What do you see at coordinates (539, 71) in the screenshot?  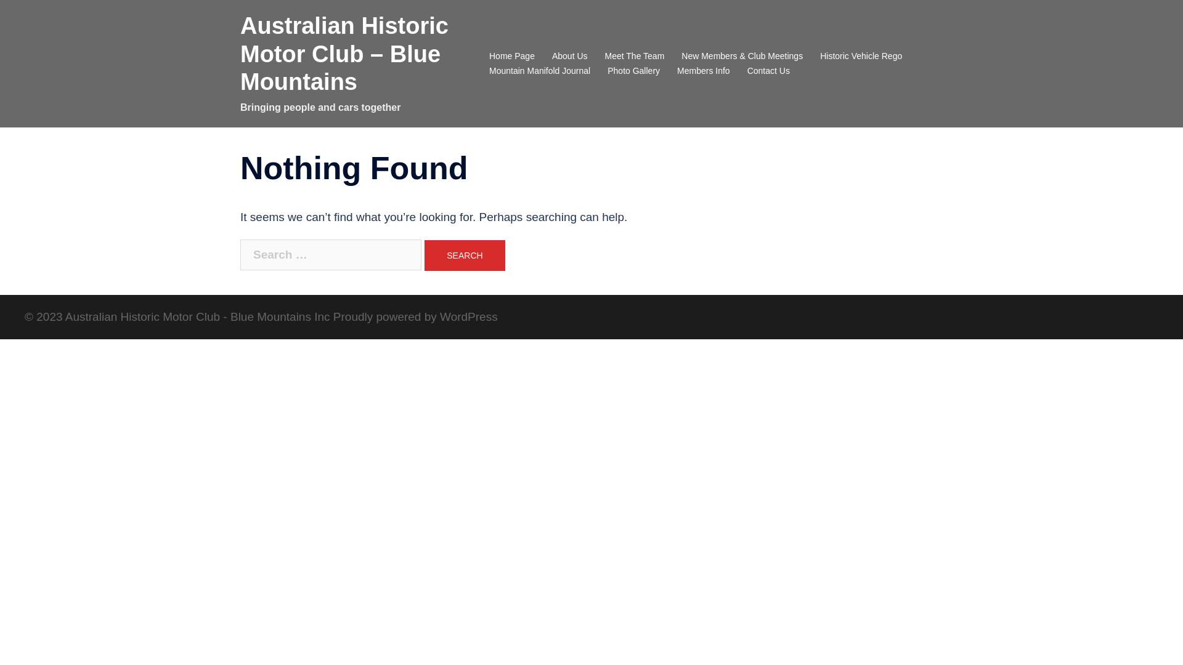 I see `'Mountain Manifold Journal'` at bounding box center [539, 71].